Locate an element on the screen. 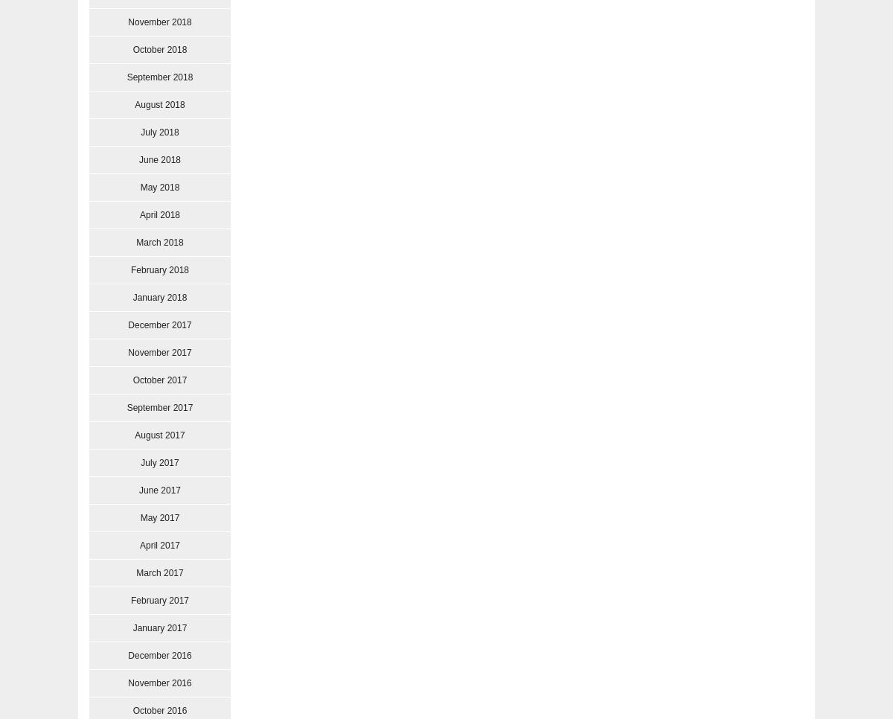 Image resolution: width=893 pixels, height=719 pixels. 'May 2017' is located at coordinates (159, 517).